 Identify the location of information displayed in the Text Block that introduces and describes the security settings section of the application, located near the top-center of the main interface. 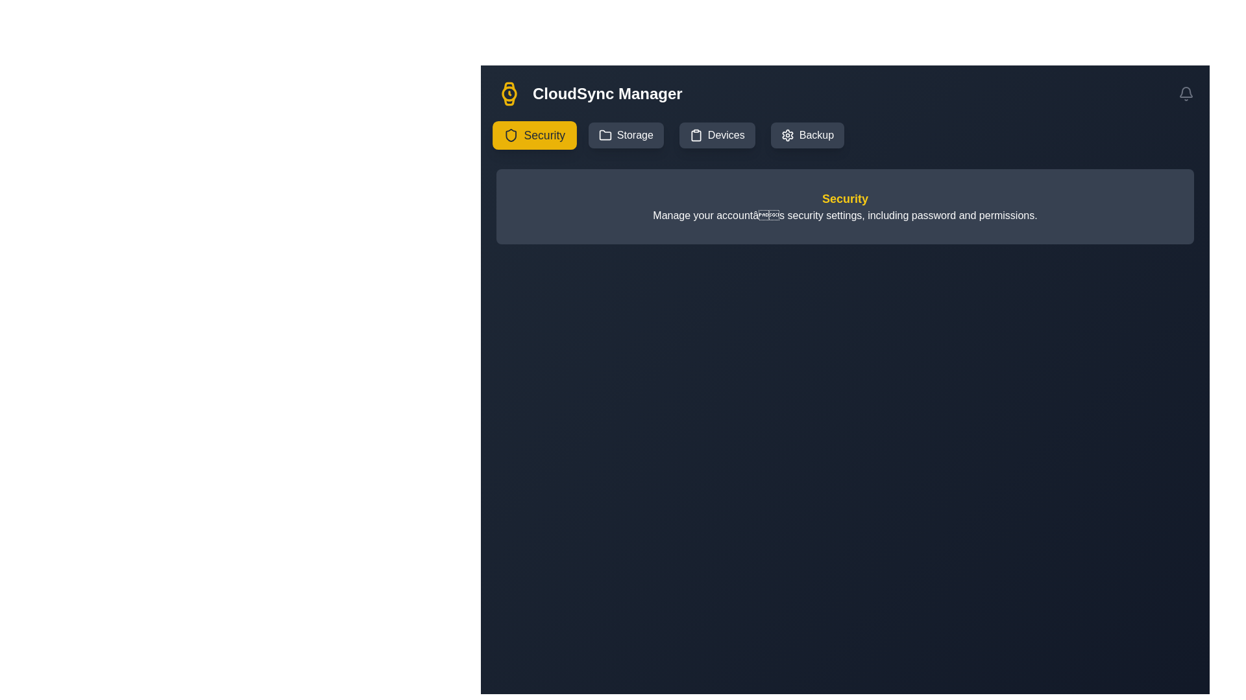
(845, 206).